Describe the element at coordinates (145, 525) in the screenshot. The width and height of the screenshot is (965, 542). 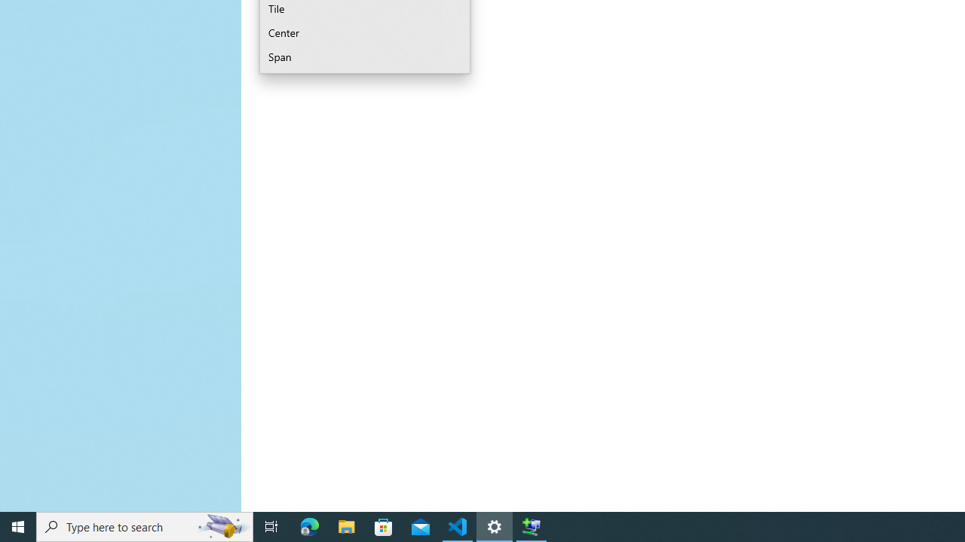
I see `'Type here to search'` at that location.